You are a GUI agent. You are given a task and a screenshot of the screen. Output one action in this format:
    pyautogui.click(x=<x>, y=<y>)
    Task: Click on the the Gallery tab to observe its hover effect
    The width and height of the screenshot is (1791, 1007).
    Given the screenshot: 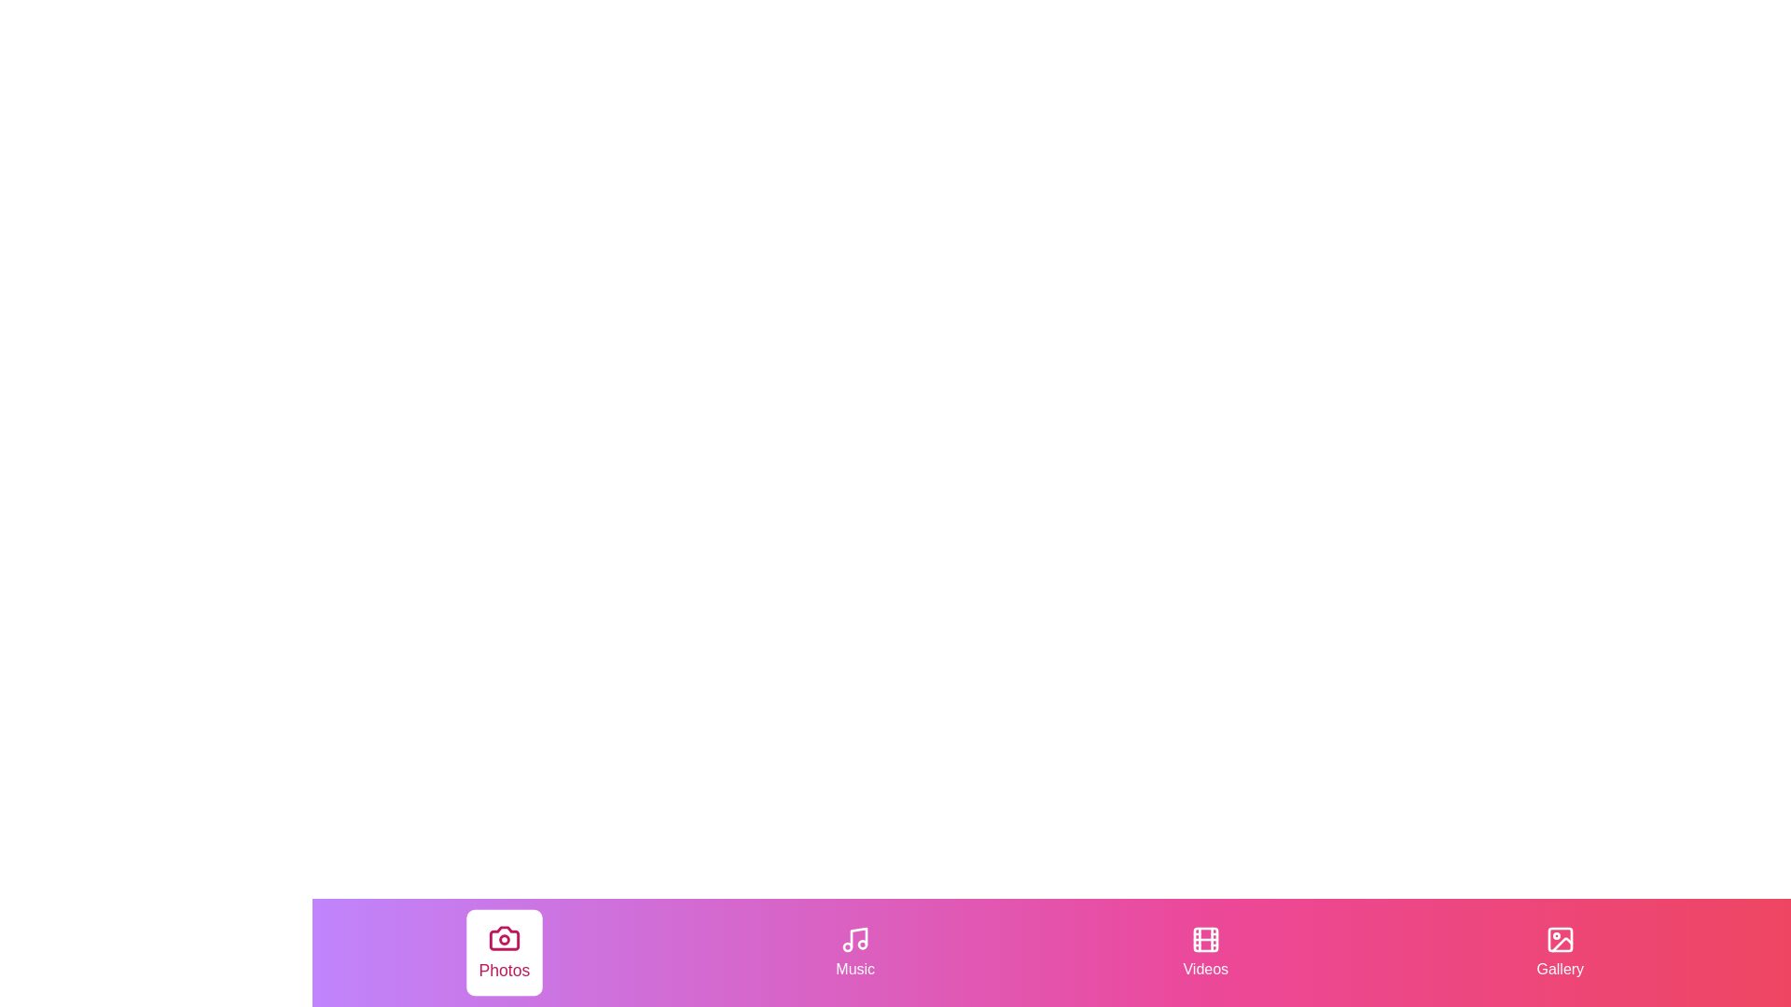 What is the action you would take?
    pyautogui.click(x=1560, y=953)
    